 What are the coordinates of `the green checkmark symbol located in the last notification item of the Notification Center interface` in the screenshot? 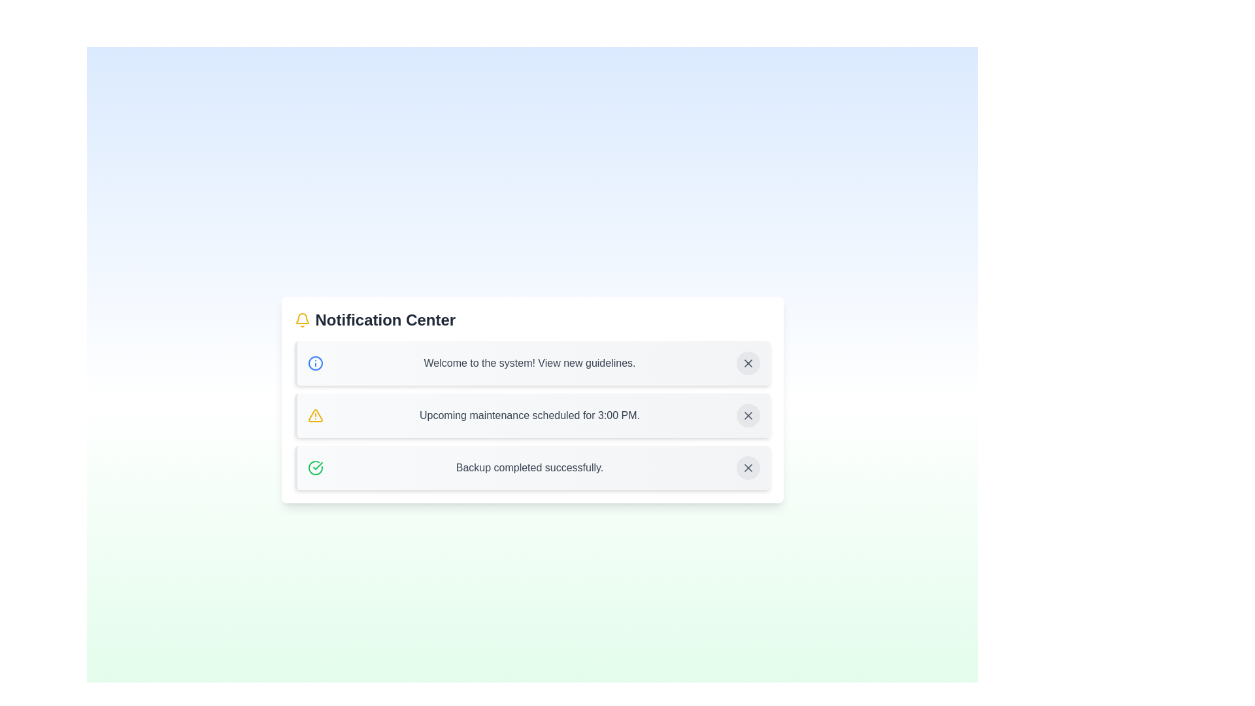 It's located at (317, 465).